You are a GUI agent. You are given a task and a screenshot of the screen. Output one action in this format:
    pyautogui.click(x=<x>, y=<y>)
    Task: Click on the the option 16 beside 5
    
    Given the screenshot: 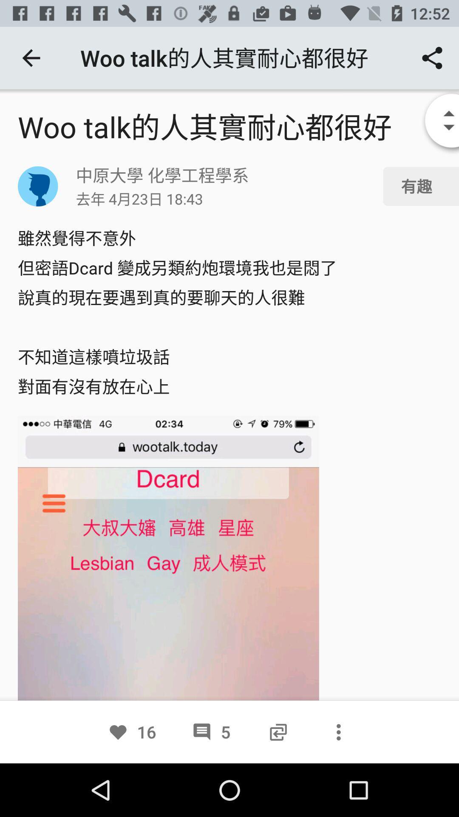 What is the action you would take?
    pyautogui.click(x=132, y=731)
    